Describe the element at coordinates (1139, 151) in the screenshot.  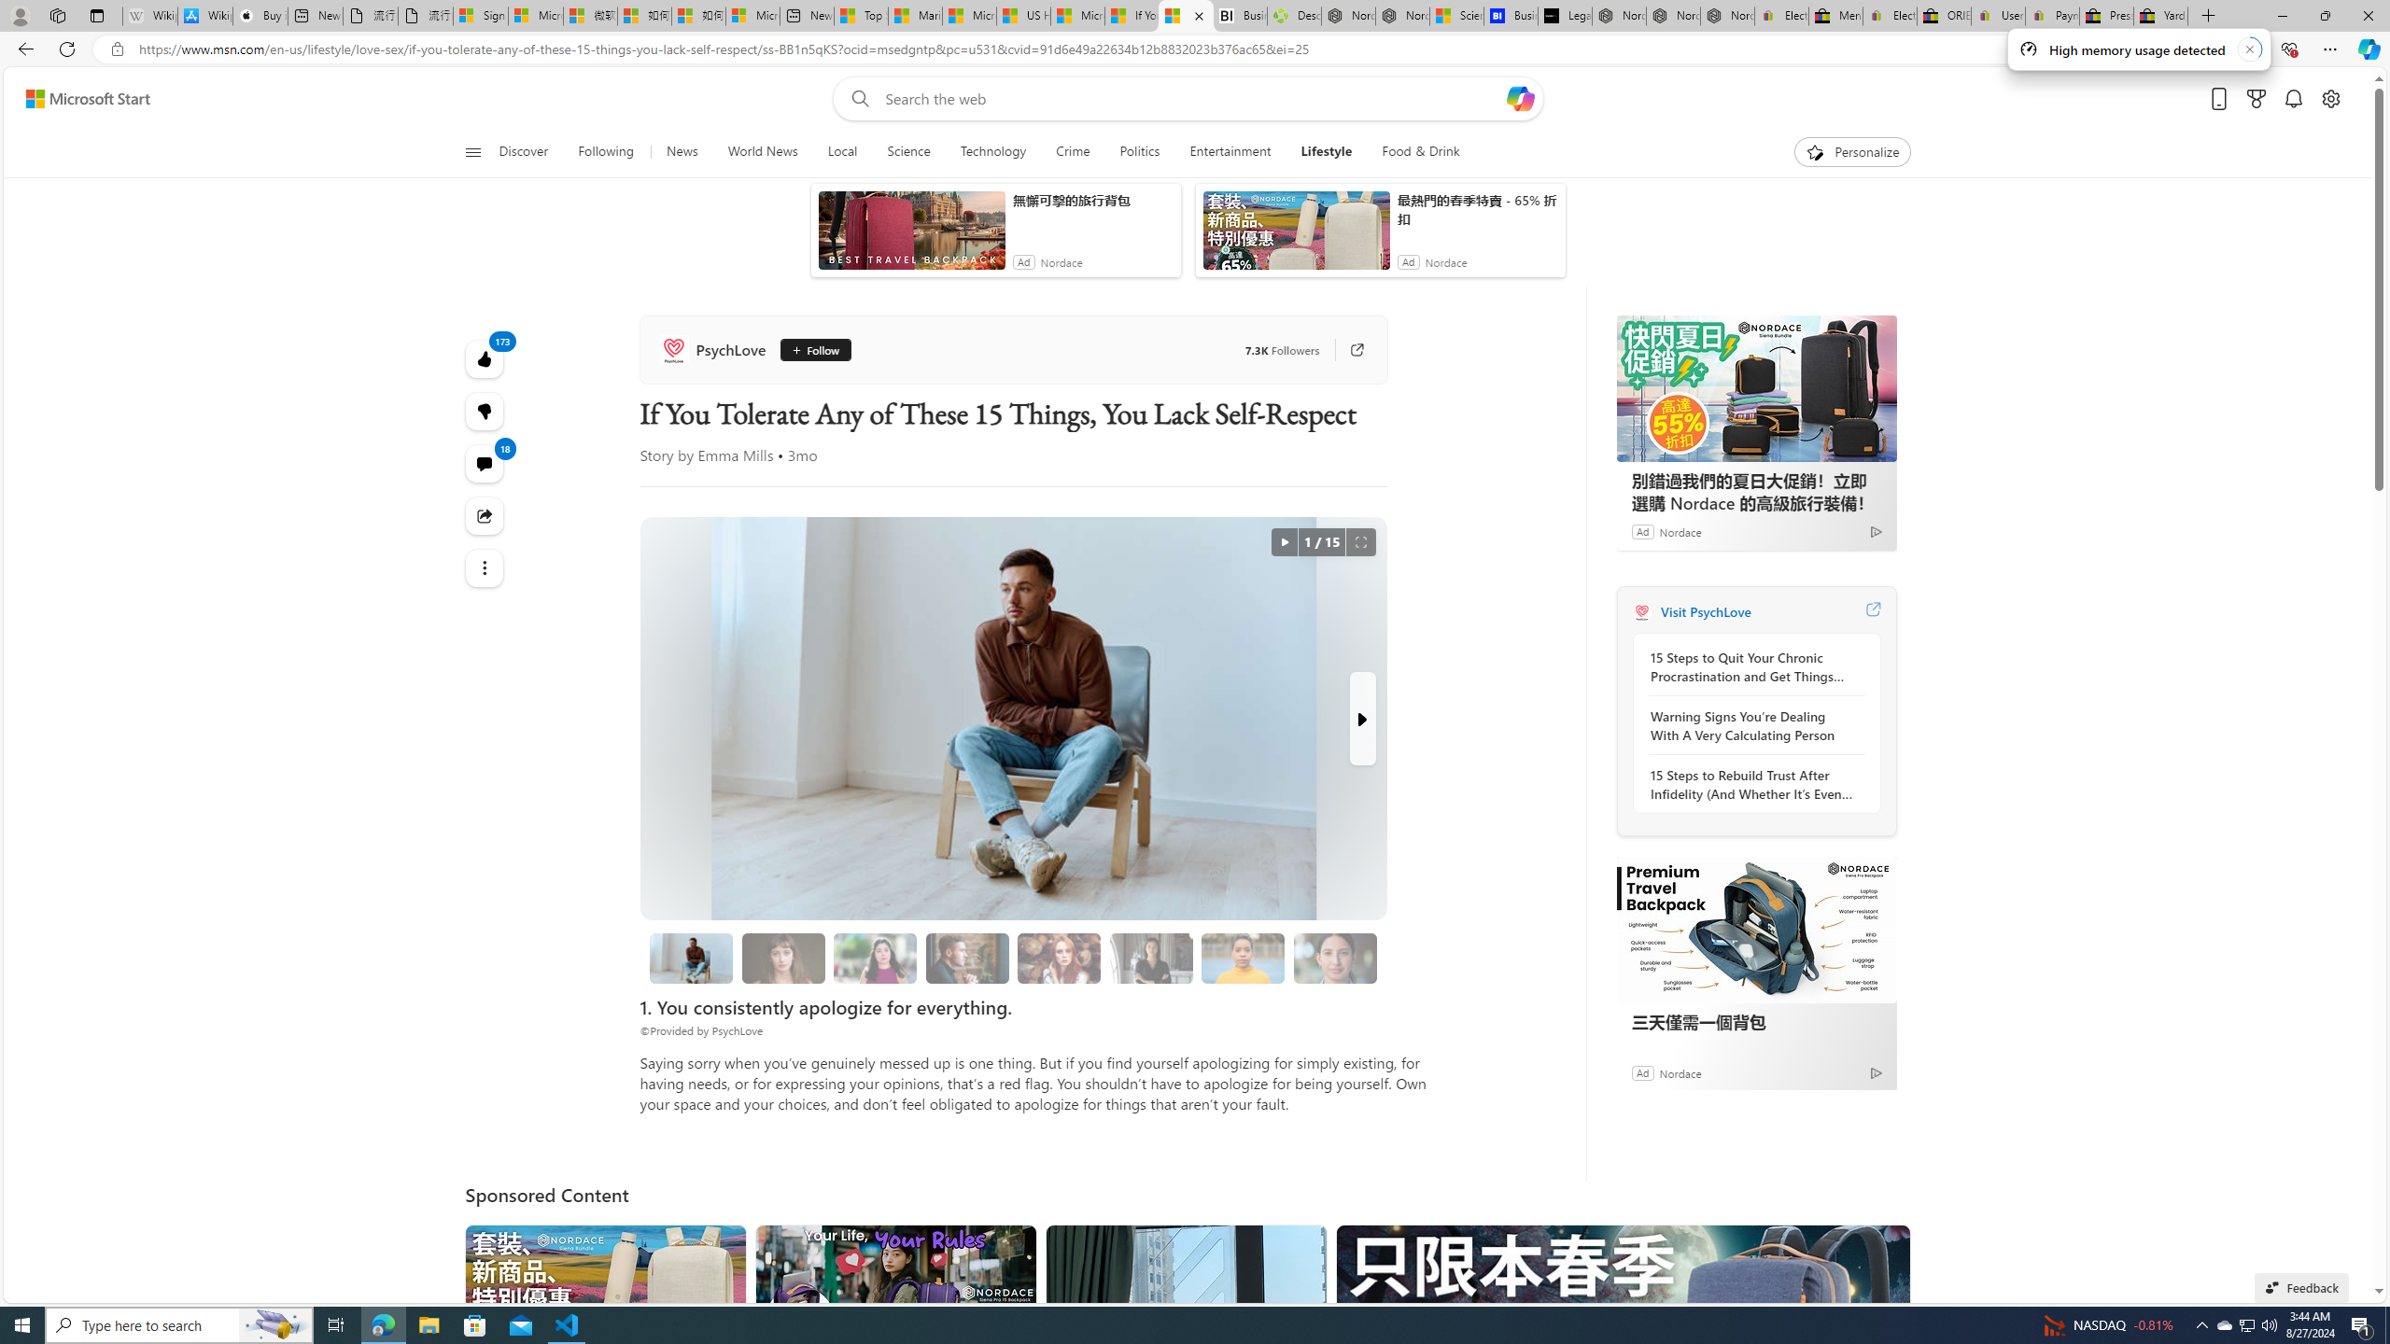
I see `'Politics'` at that location.